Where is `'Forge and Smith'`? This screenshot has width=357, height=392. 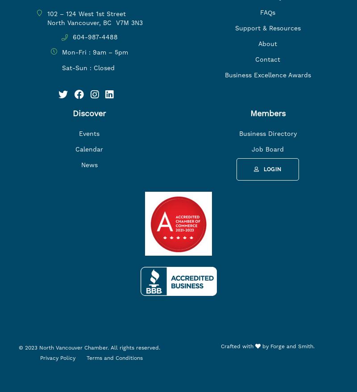 'Forge and Smith' is located at coordinates (291, 346).